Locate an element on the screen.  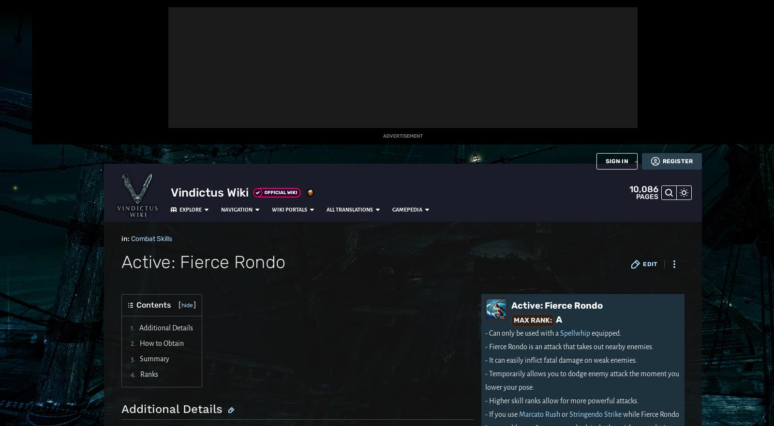
'Navigation' is located at coordinates (174, 11).